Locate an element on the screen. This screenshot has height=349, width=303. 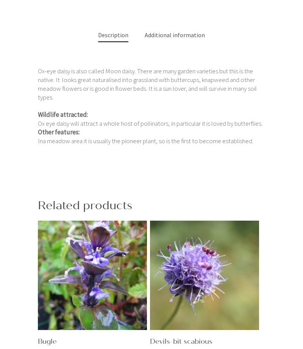
'Related products' is located at coordinates (38, 205).